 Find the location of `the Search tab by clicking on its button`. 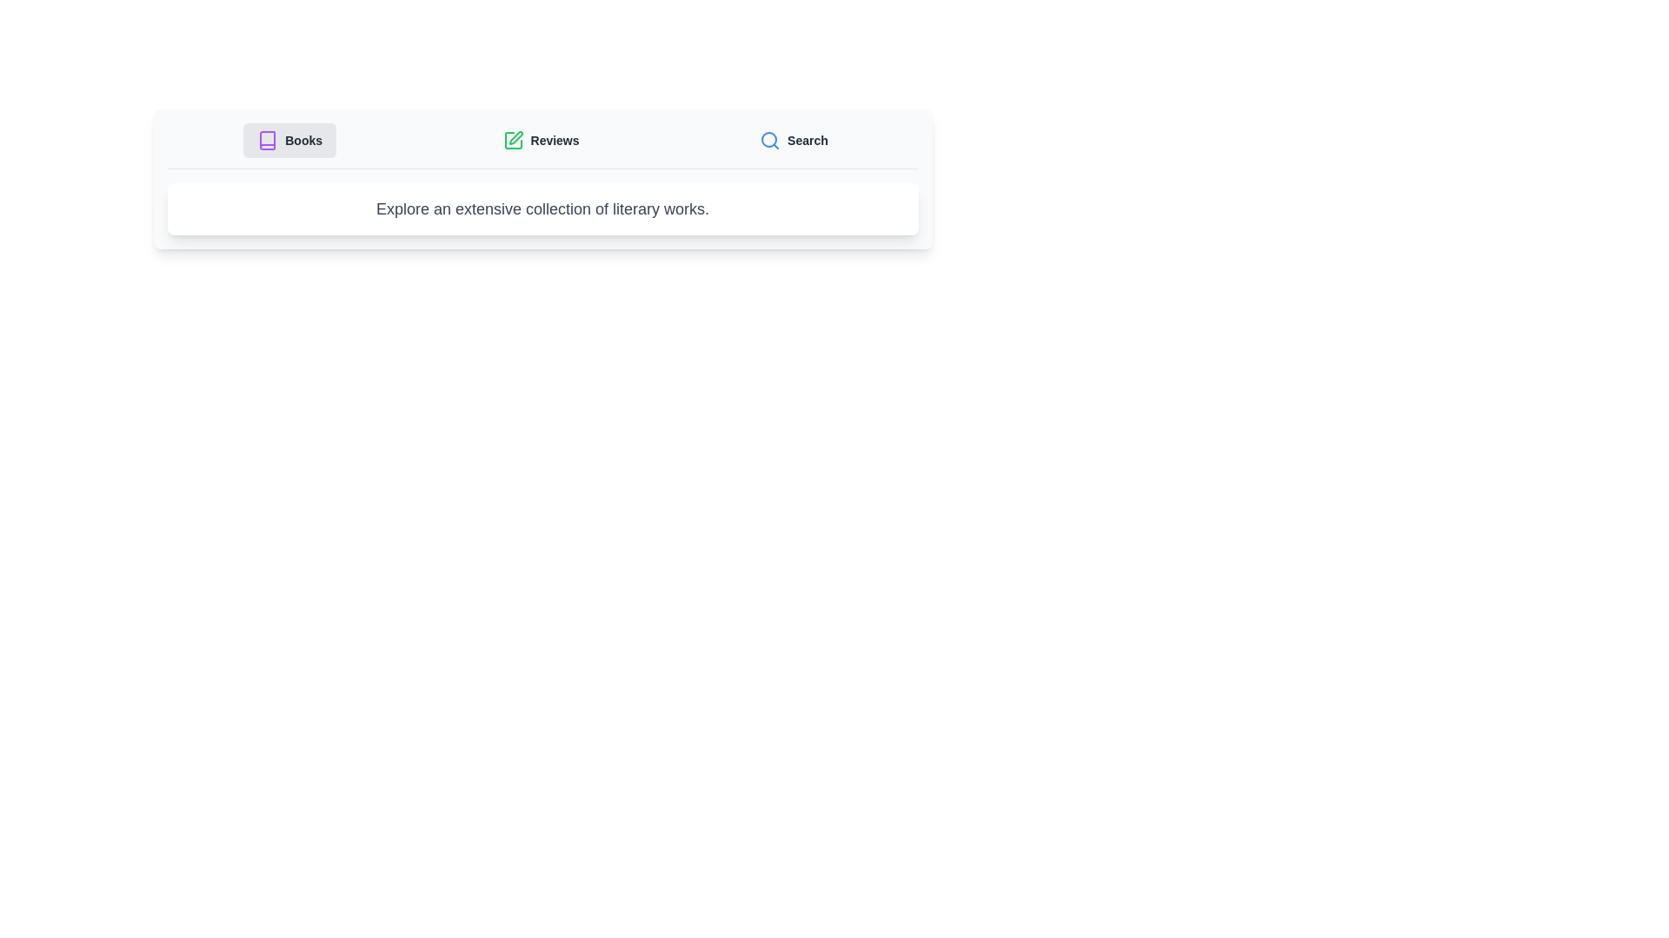

the Search tab by clicking on its button is located at coordinates (793, 140).